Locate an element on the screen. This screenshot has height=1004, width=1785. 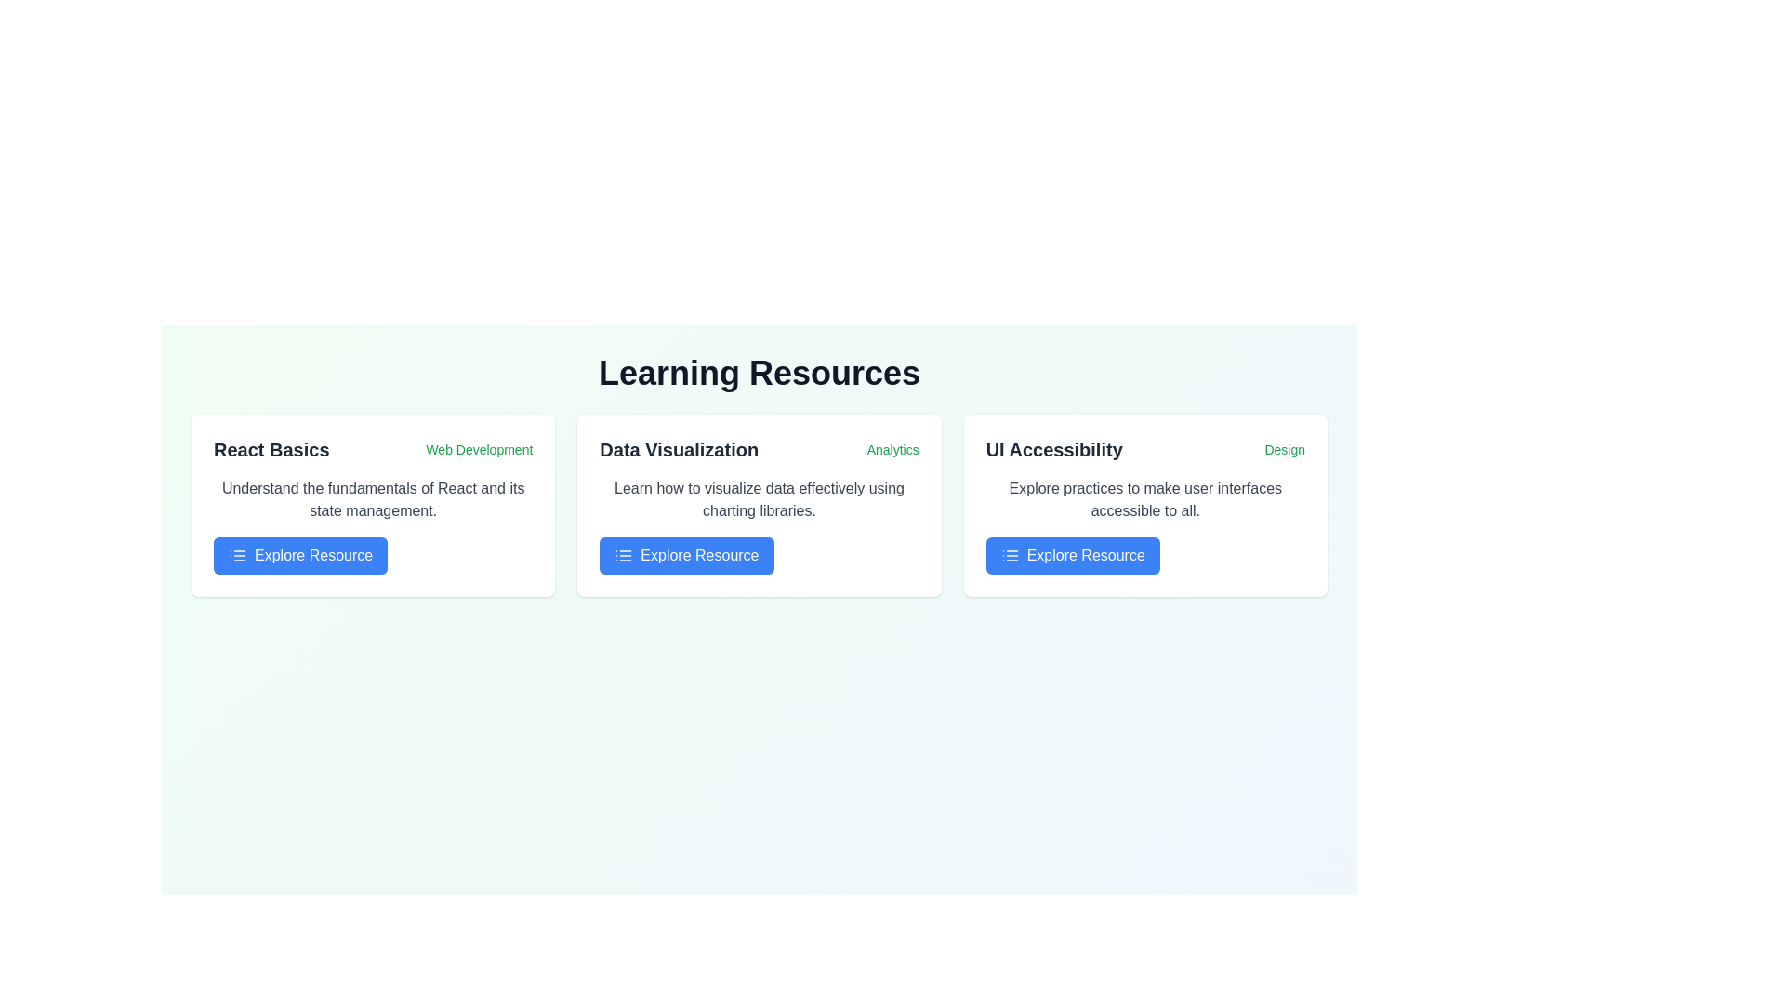
text contained in the informational card about 'React Basics', which is the first card in the grid layout of educational resources is located at coordinates (372, 505).